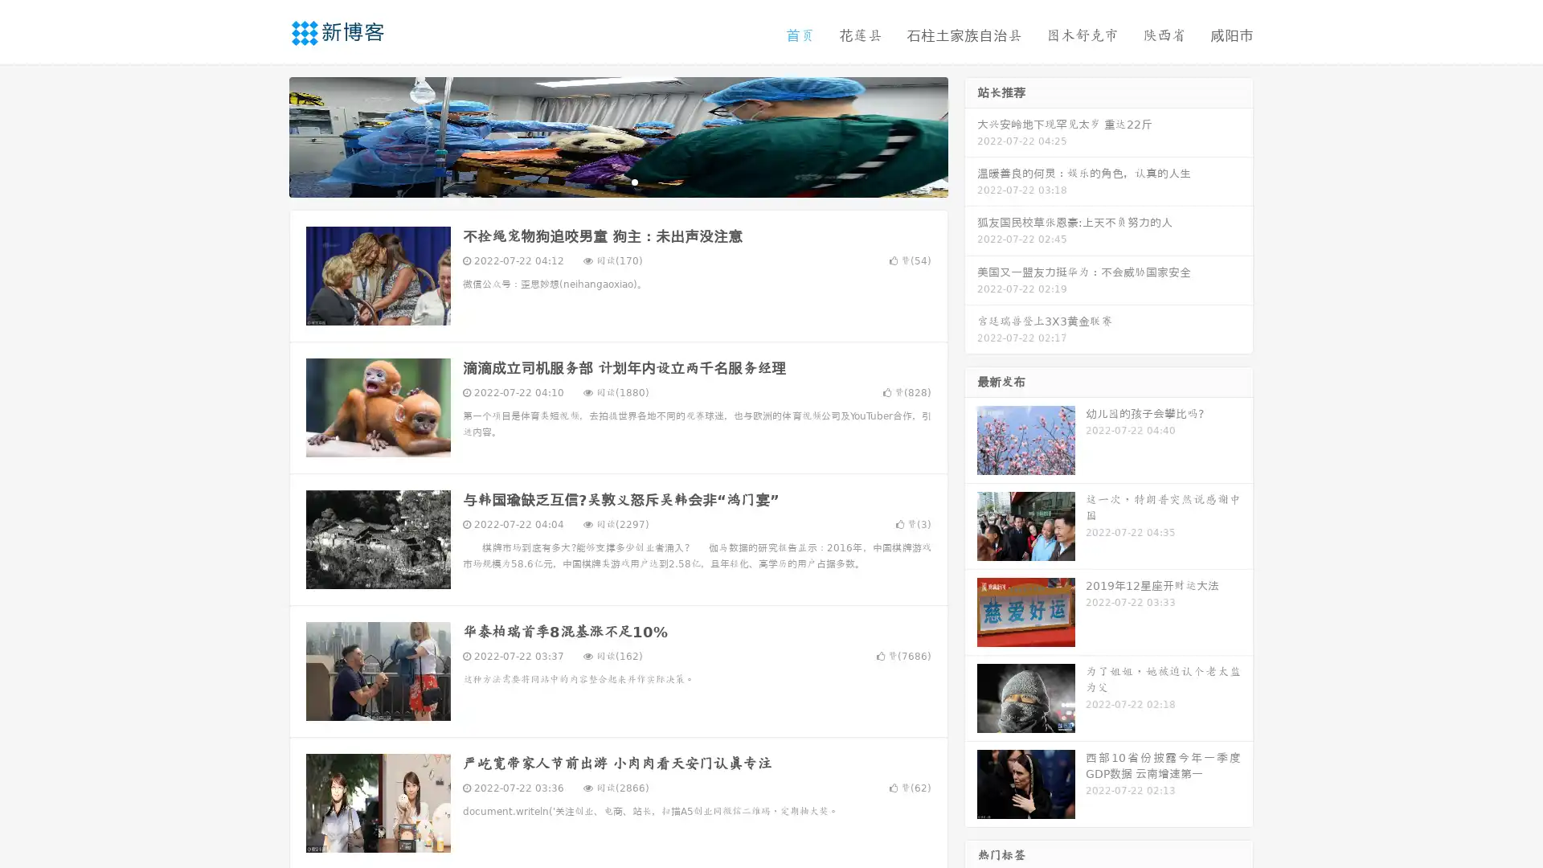 Image resolution: width=1543 pixels, height=868 pixels. Describe the element at coordinates (617, 181) in the screenshot. I see `Go to slide 2` at that location.